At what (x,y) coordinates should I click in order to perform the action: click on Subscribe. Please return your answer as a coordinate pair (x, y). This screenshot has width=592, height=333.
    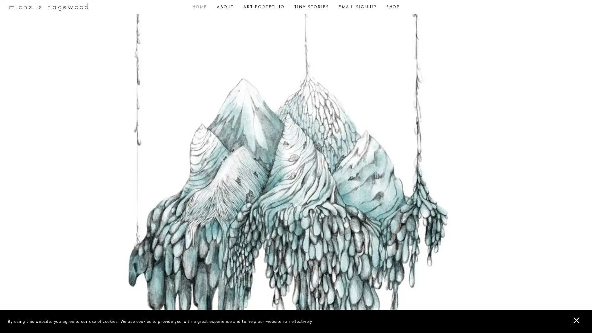
    Looking at the image, I should click on (348, 189).